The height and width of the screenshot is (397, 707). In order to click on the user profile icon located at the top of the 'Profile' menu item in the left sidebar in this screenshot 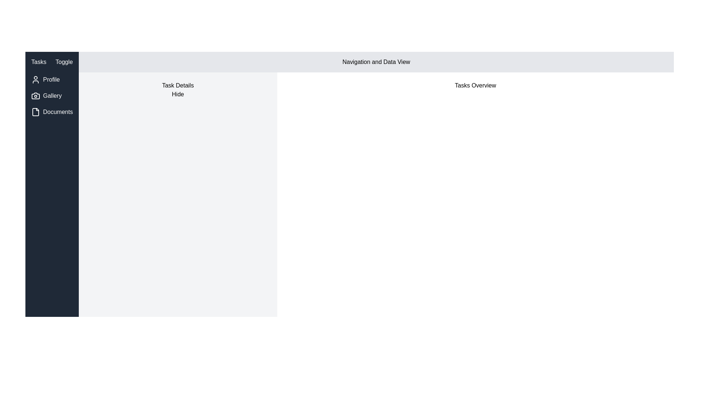, I will do `click(35, 79)`.